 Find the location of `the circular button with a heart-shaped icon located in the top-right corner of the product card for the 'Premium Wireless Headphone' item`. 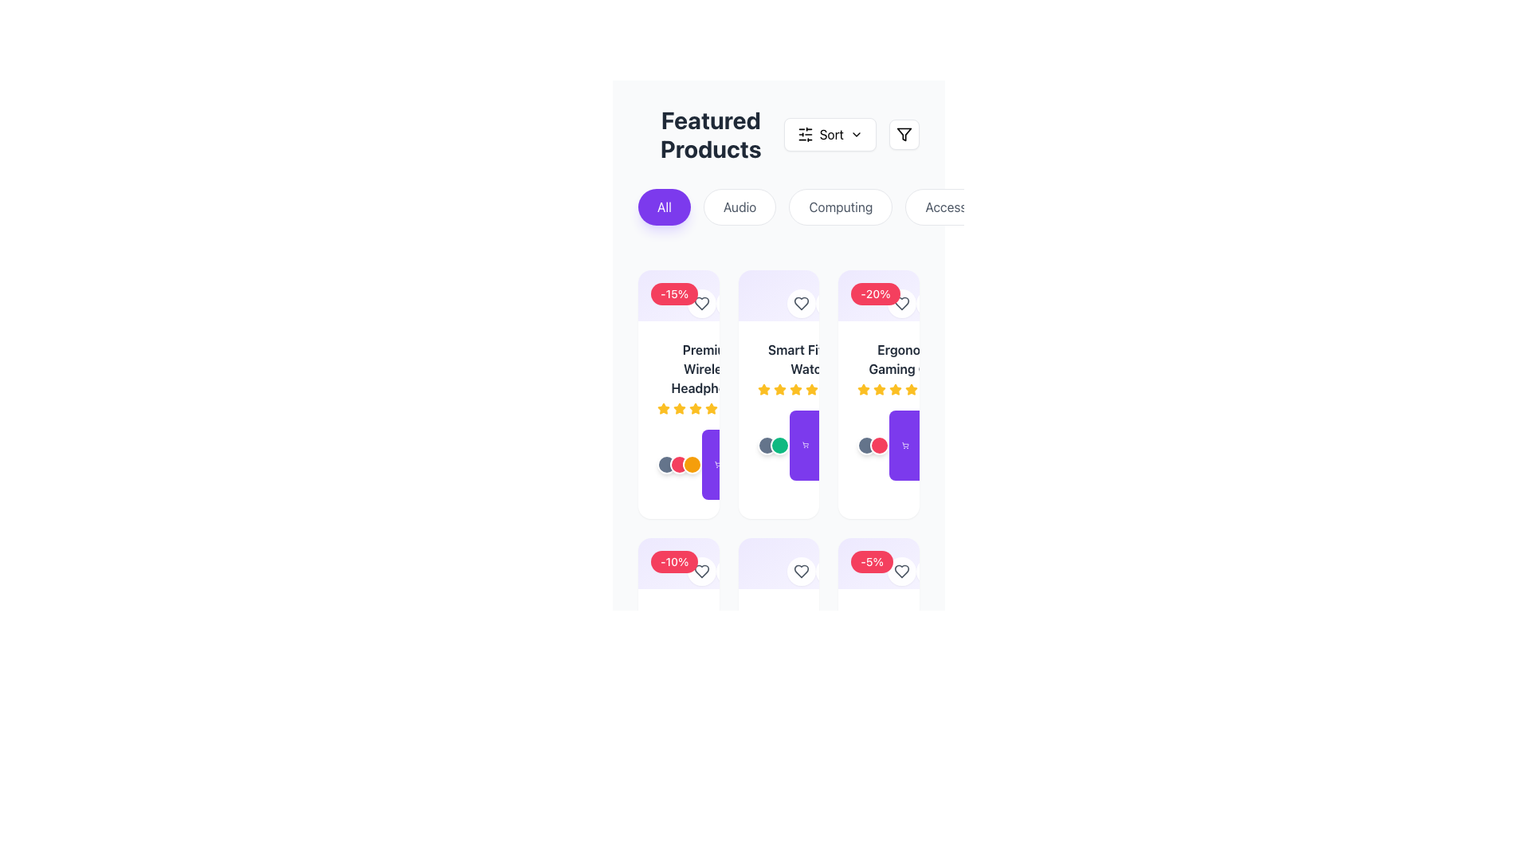

the circular button with a heart-shaped icon located in the top-right corner of the product card for the 'Premium Wireless Headphone' item is located at coordinates (701, 304).